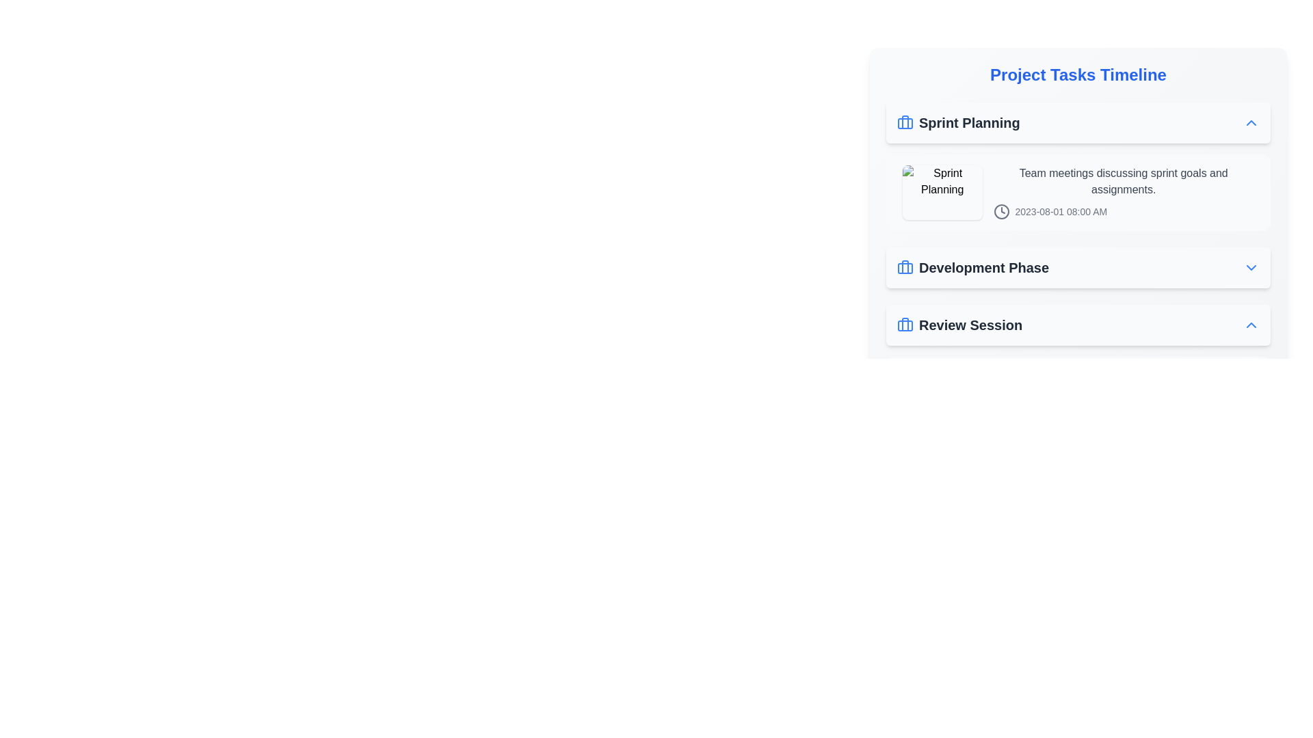  What do you see at coordinates (968, 123) in the screenshot?
I see `the 'Sprint Planning' text label located under the 'Project Tasks Timeline' section, which is visually distinct and aligned with an icon on the left` at bounding box center [968, 123].